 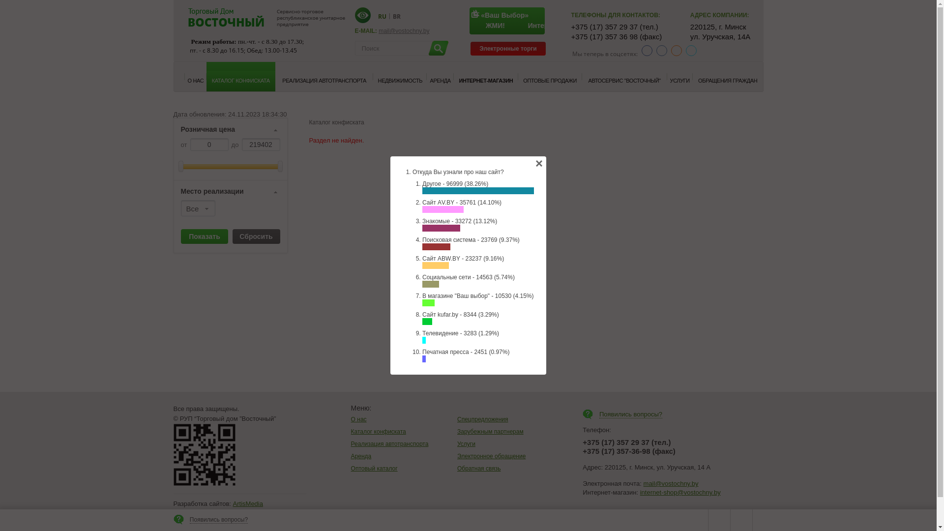 What do you see at coordinates (670, 51) in the screenshot?
I see `'odnoklassniki'` at bounding box center [670, 51].